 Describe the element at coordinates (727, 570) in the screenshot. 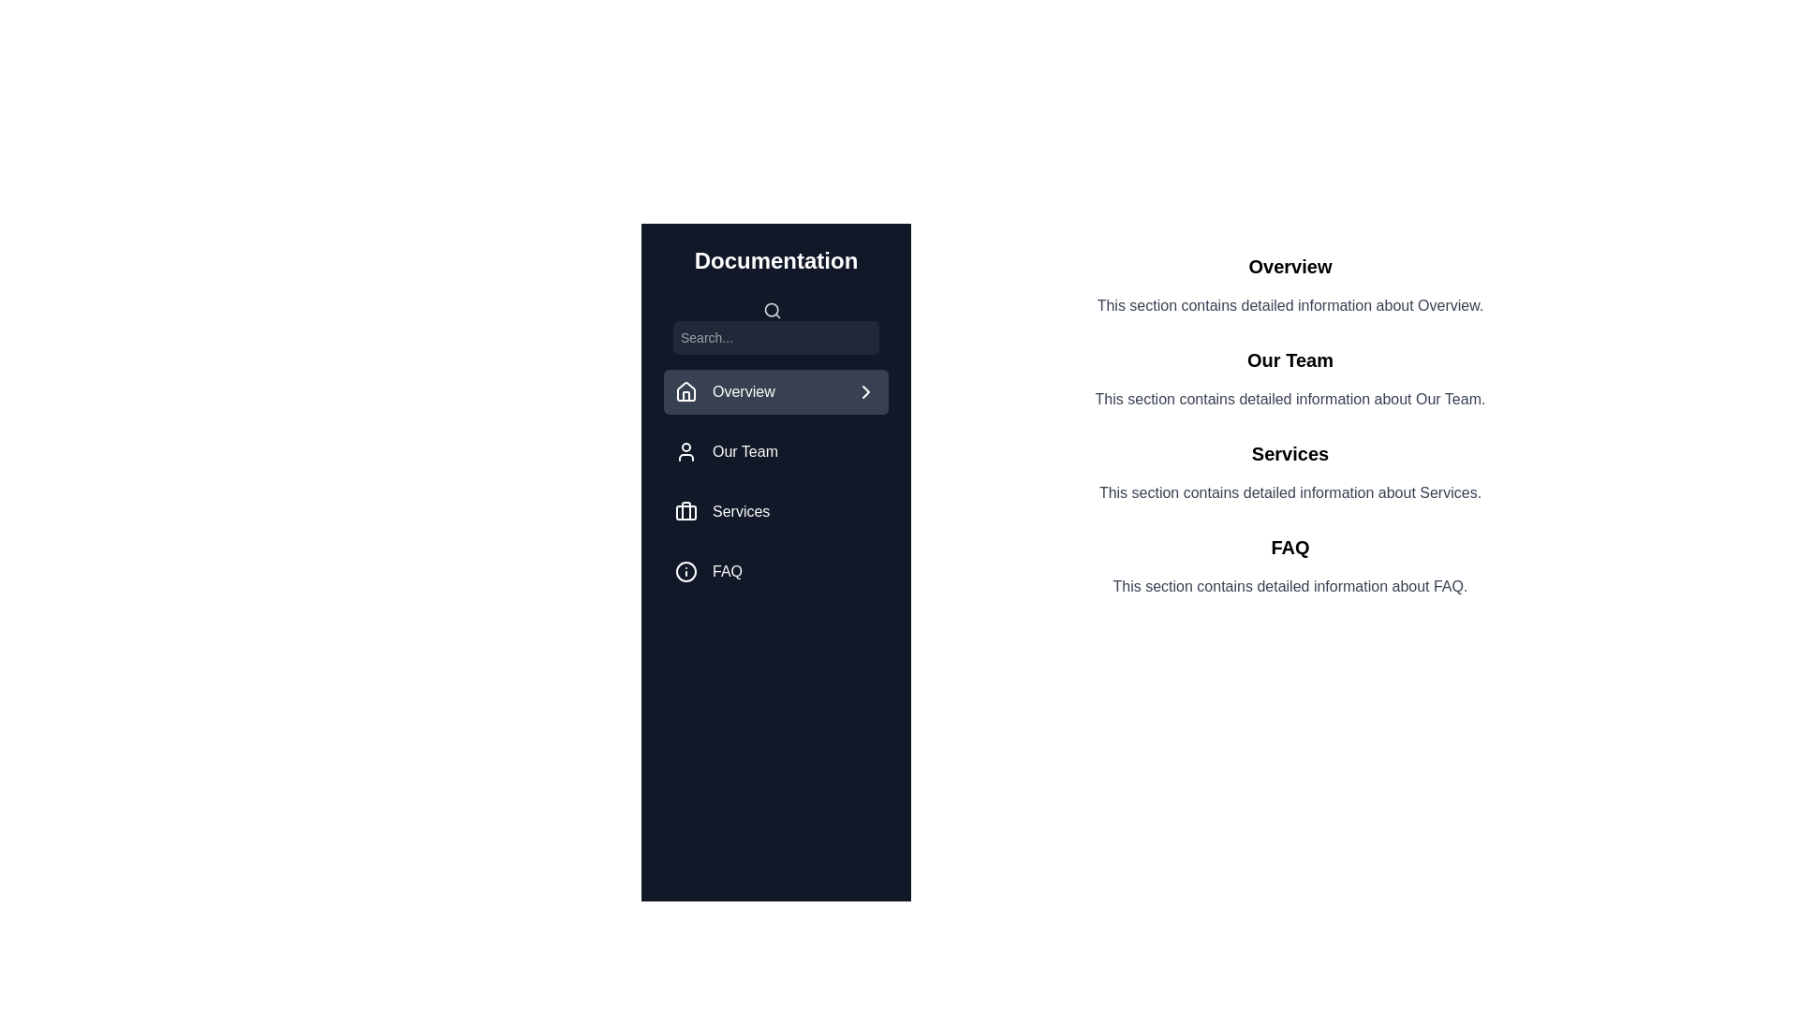

I see `the 'FAQ' text label in the navigation menu, which is styled in white and positioned under the 'Documentation' header` at that location.